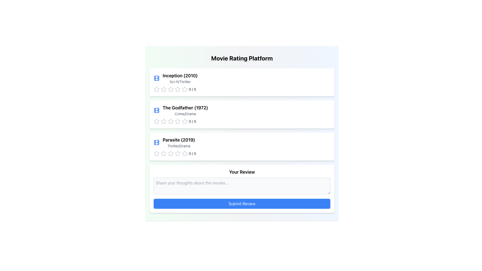  Describe the element at coordinates (156, 121) in the screenshot. I see `the first star icon in the rating system for 'The Godfather (1972)' movie card` at that location.